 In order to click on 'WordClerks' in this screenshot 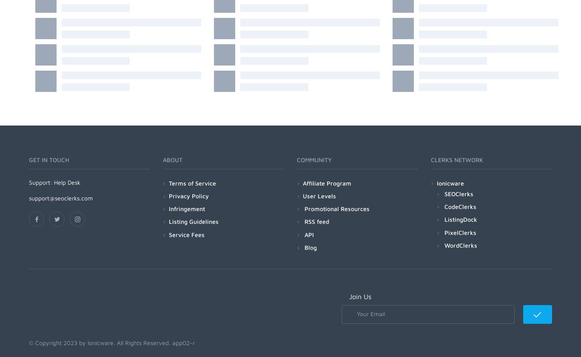, I will do `click(444, 244)`.